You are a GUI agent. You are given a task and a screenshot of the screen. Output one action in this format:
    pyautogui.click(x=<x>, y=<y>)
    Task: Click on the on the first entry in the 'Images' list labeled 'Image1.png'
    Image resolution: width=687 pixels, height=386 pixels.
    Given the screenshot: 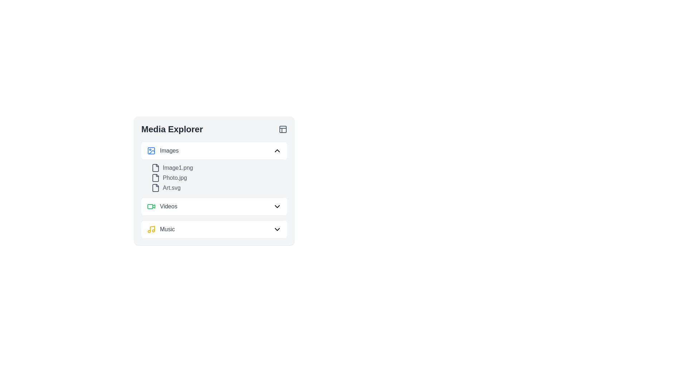 What is the action you would take?
    pyautogui.click(x=214, y=167)
    